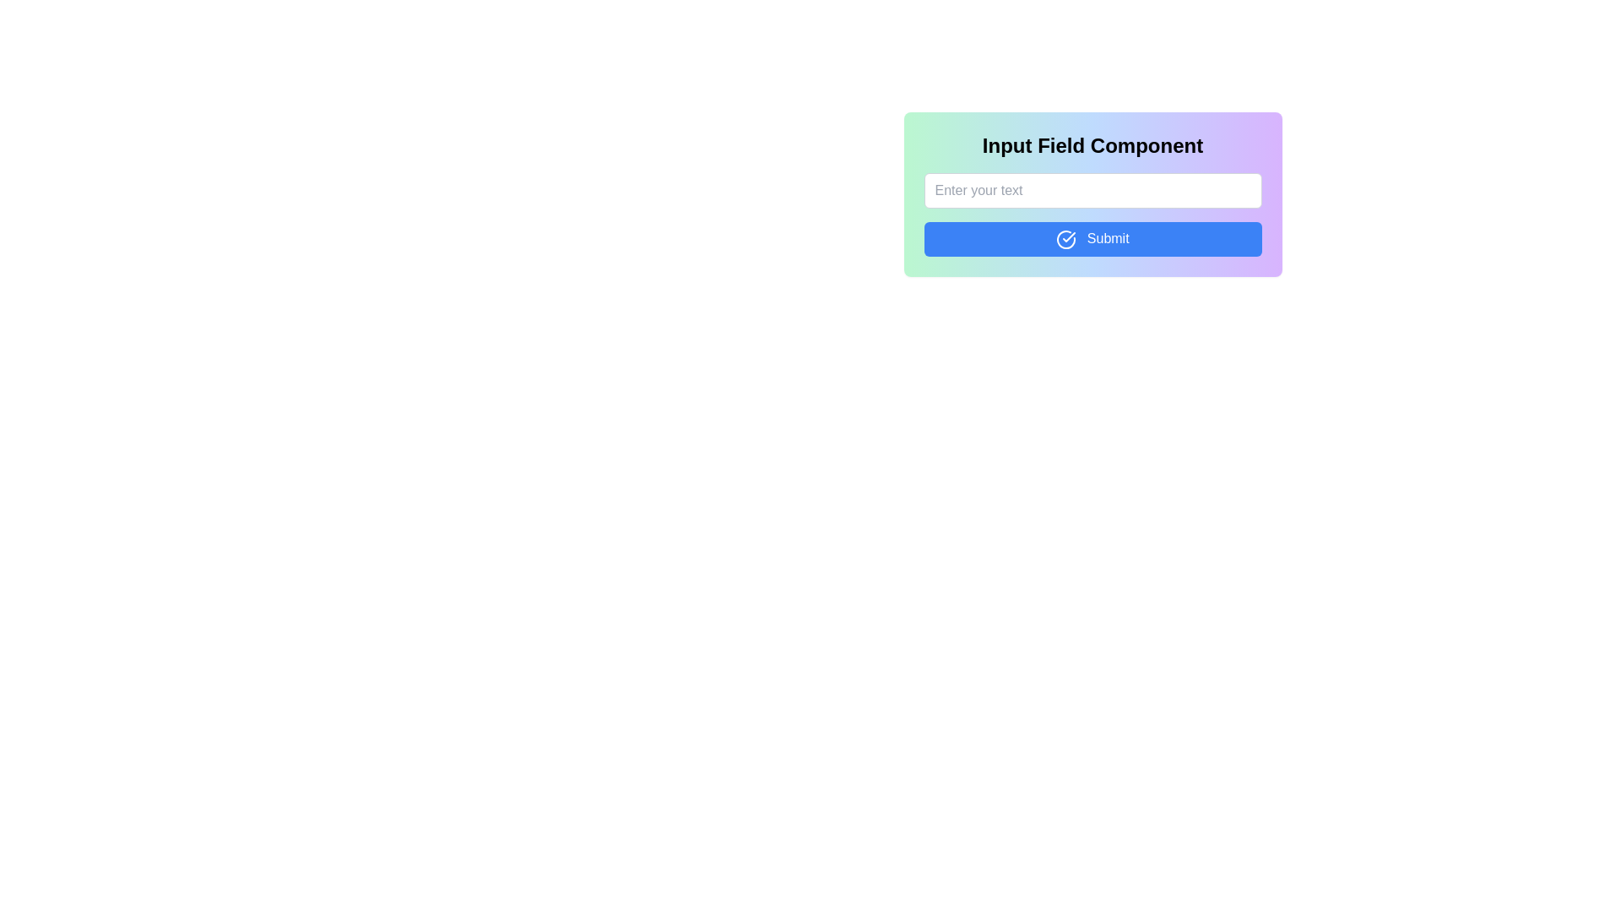 The height and width of the screenshot is (912, 1621). I want to click on the 'Submit' button located in the composite form component titled 'Input Field Component', which is centered within the light-colored panel with a gradient background, so click(1092, 263).